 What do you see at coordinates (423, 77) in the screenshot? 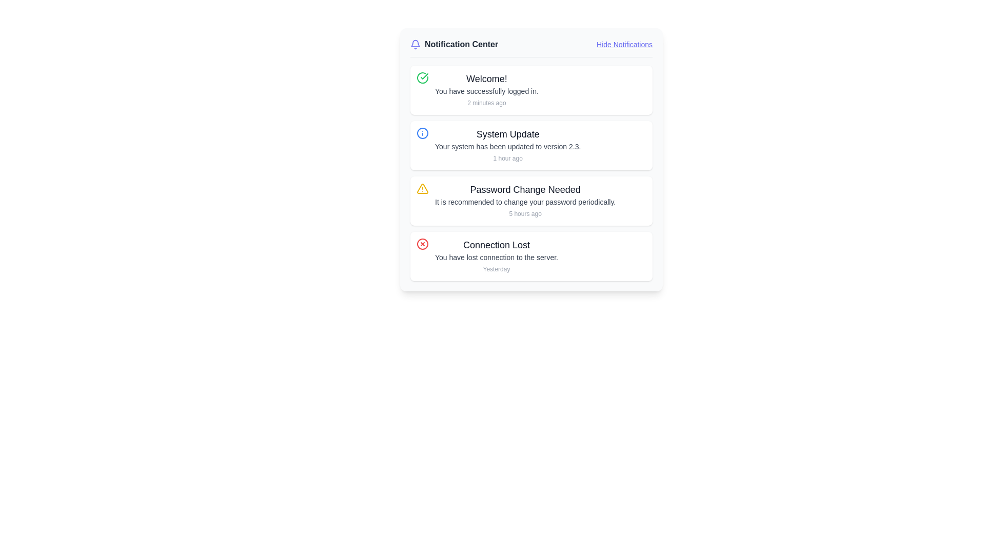
I see `the green circle icon containing a white checkmark, which symbolizes success and is located to the left of the 'Welcome!' text in the notification` at bounding box center [423, 77].